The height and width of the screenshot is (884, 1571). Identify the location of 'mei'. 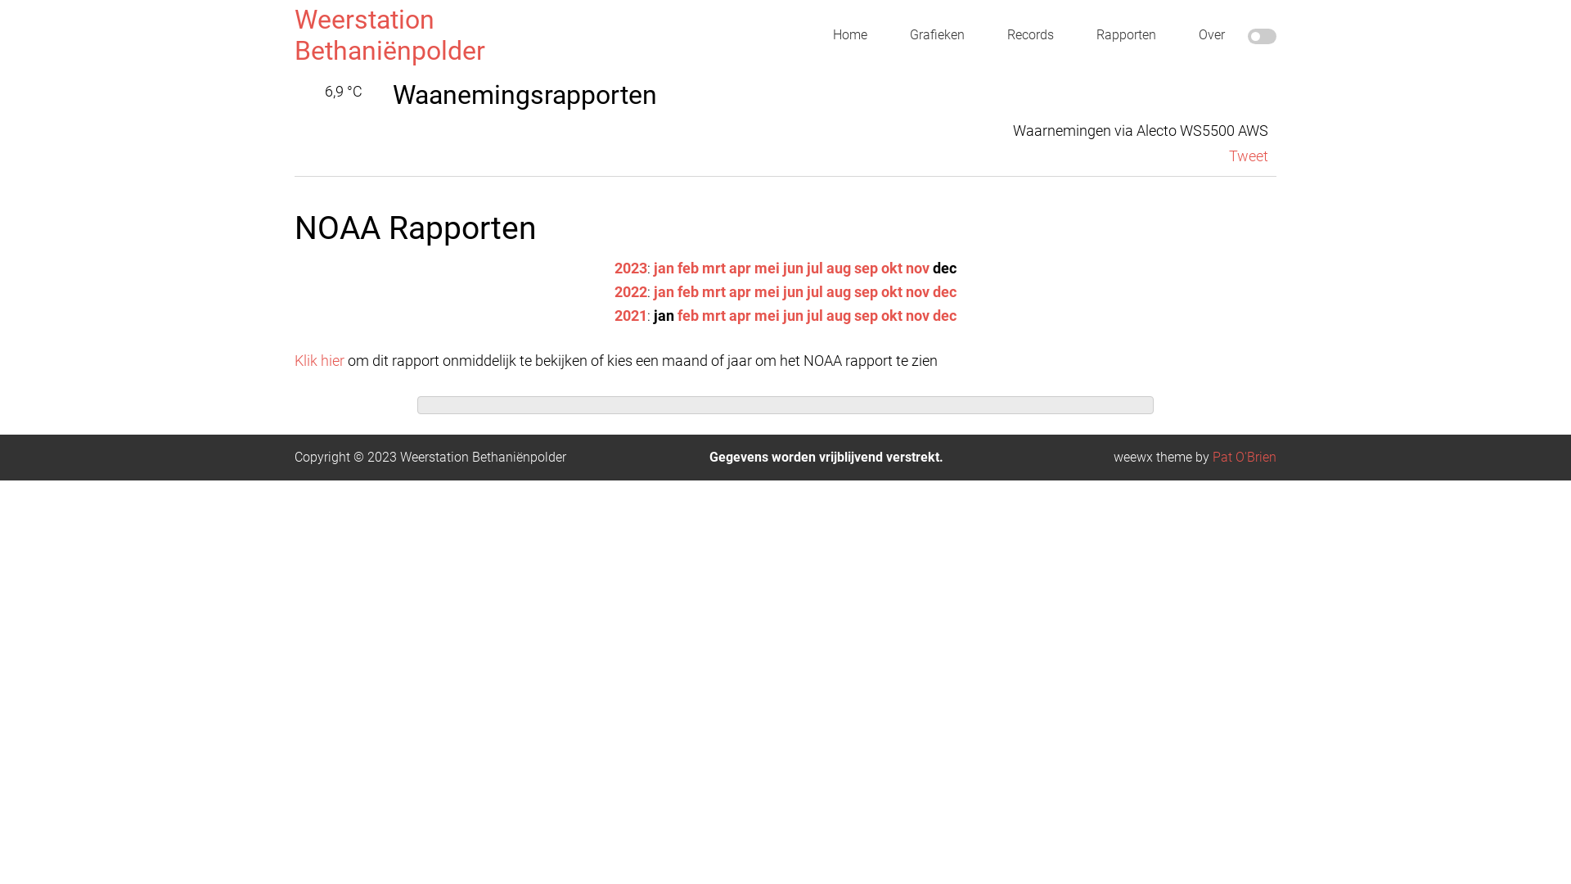
(766, 291).